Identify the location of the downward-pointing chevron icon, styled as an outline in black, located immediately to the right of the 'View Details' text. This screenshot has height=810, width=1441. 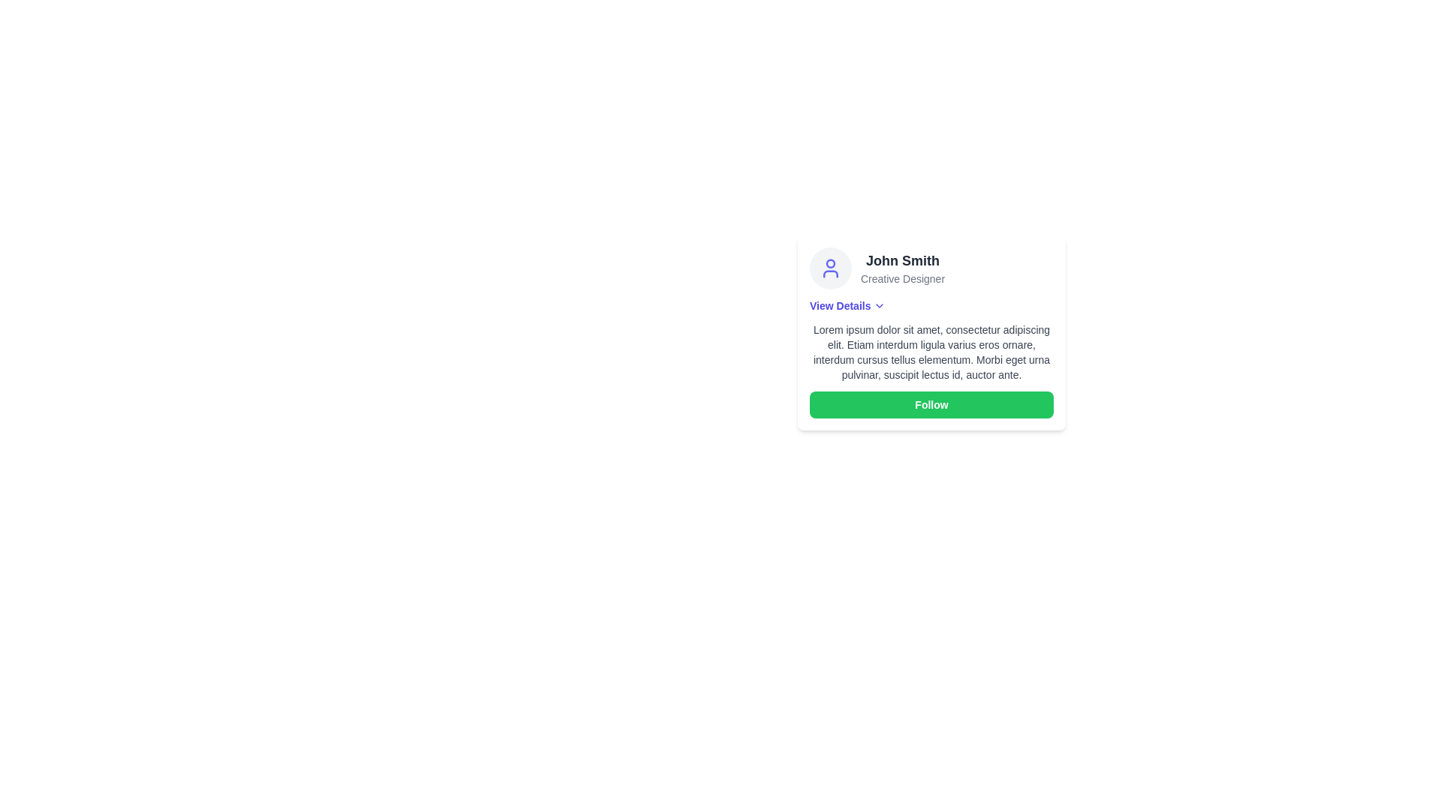
(880, 305).